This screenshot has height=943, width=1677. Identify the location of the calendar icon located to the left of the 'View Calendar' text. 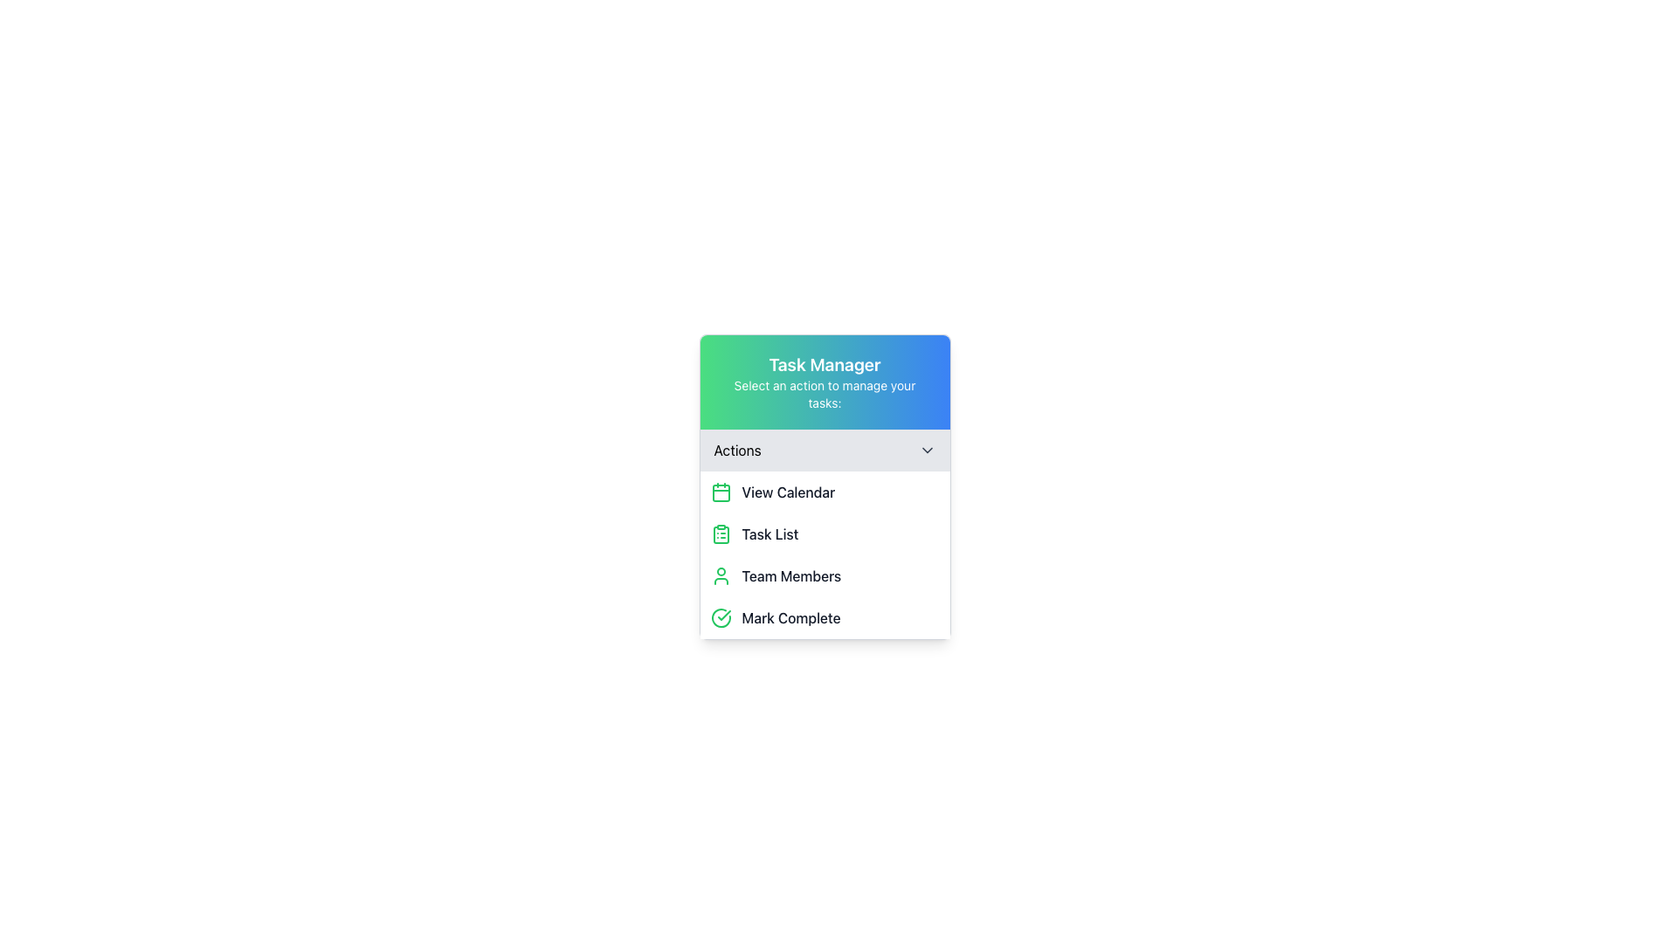
(721, 492).